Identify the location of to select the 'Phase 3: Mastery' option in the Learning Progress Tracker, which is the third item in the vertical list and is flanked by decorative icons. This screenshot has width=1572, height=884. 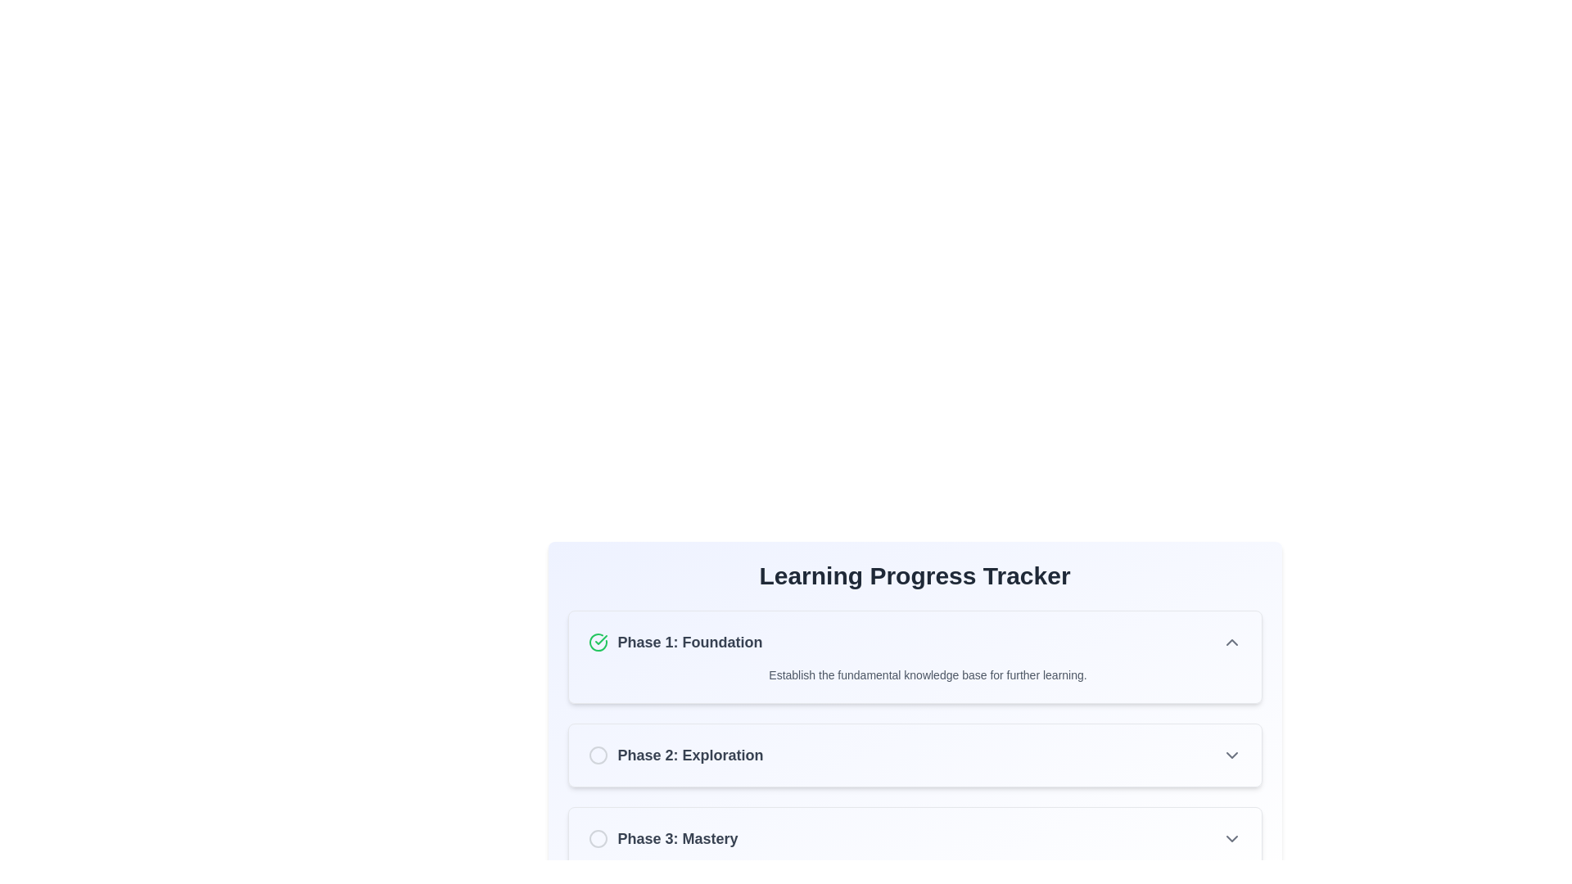
(914, 839).